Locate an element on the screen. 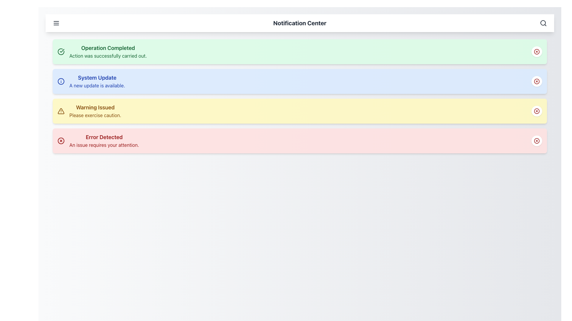 The width and height of the screenshot is (572, 321). message displayed in the text element that says 'Action was successfully carried out.' It is styled in green text and is part of the notification panel below the title 'Operation Completed.' is located at coordinates (108, 56).